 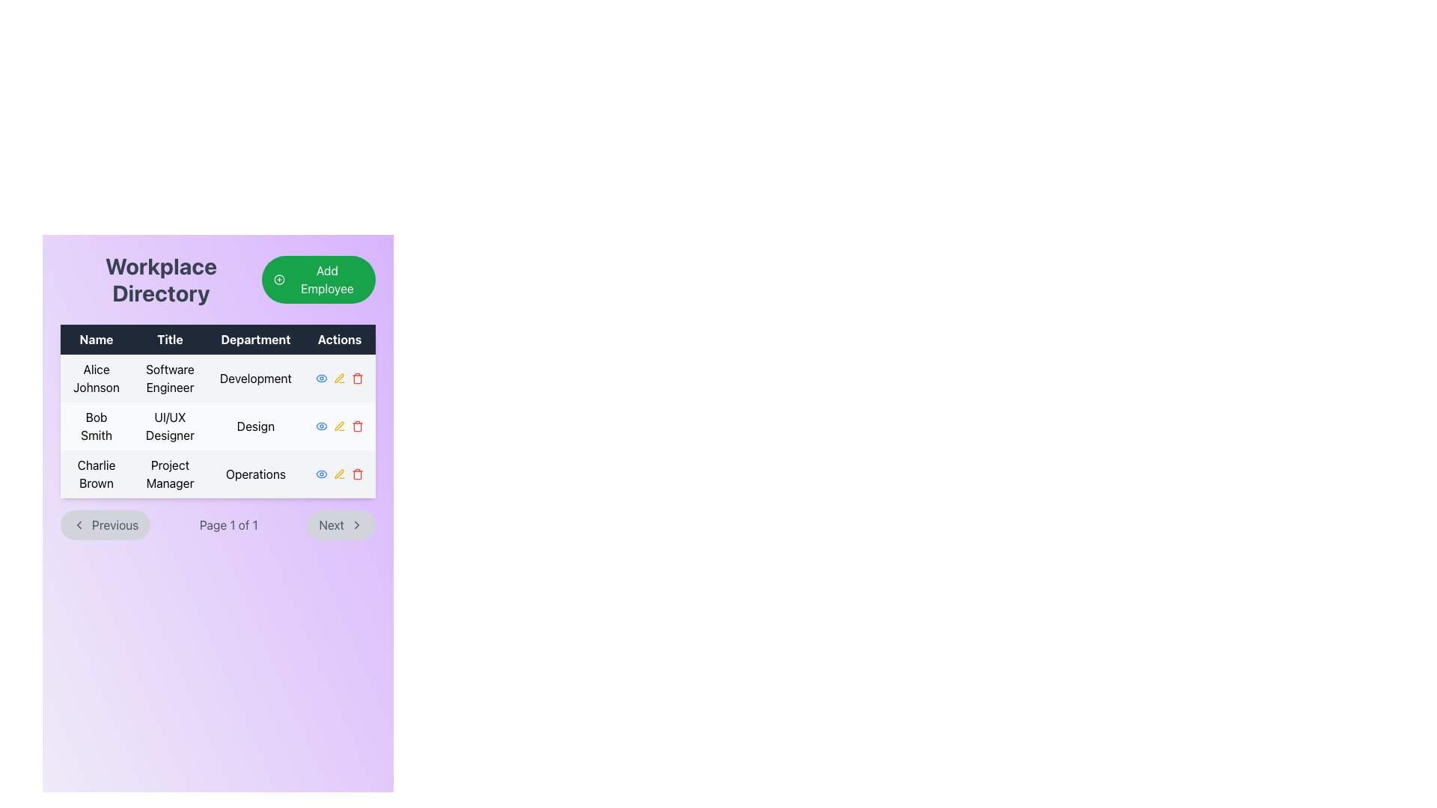 What do you see at coordinates (104, 524) in the screenshot?
I see `the 'Previous' button located on the far left side of its row` at bounding box center [104, 524].